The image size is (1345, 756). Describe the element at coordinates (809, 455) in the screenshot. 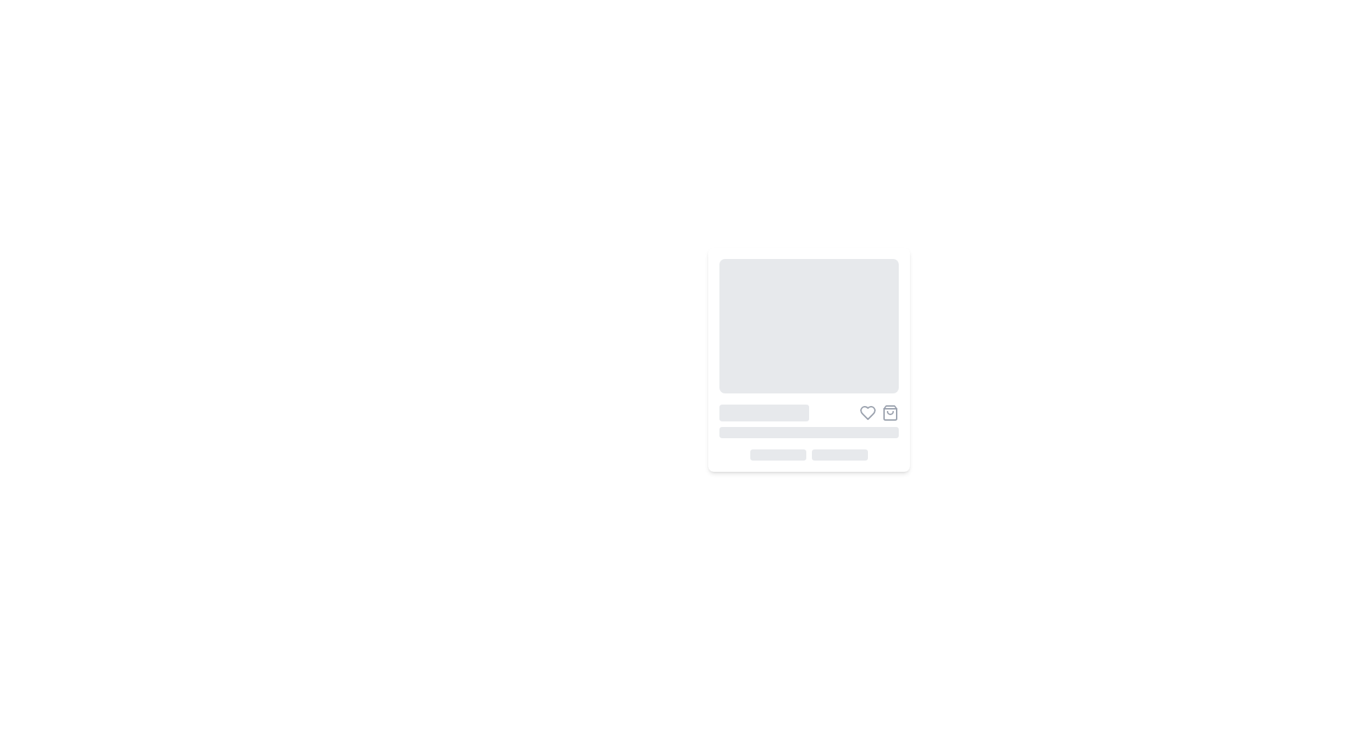

I see `the two horizontally aligned rectangular placeholder blocks with rounded corners at the bottom center of the card layout to observe the pulsing animation effect` at that location.